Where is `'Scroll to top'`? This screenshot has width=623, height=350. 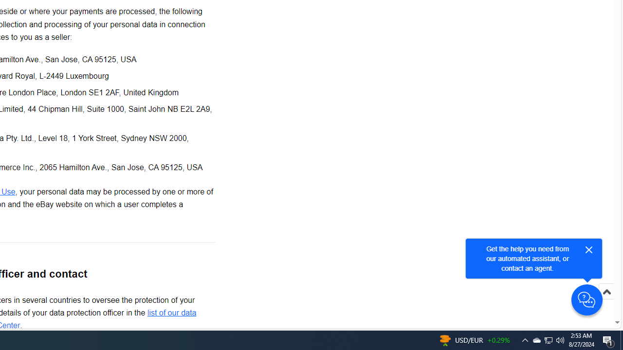
'Scroll to top' is located at coordinates (606, 291).